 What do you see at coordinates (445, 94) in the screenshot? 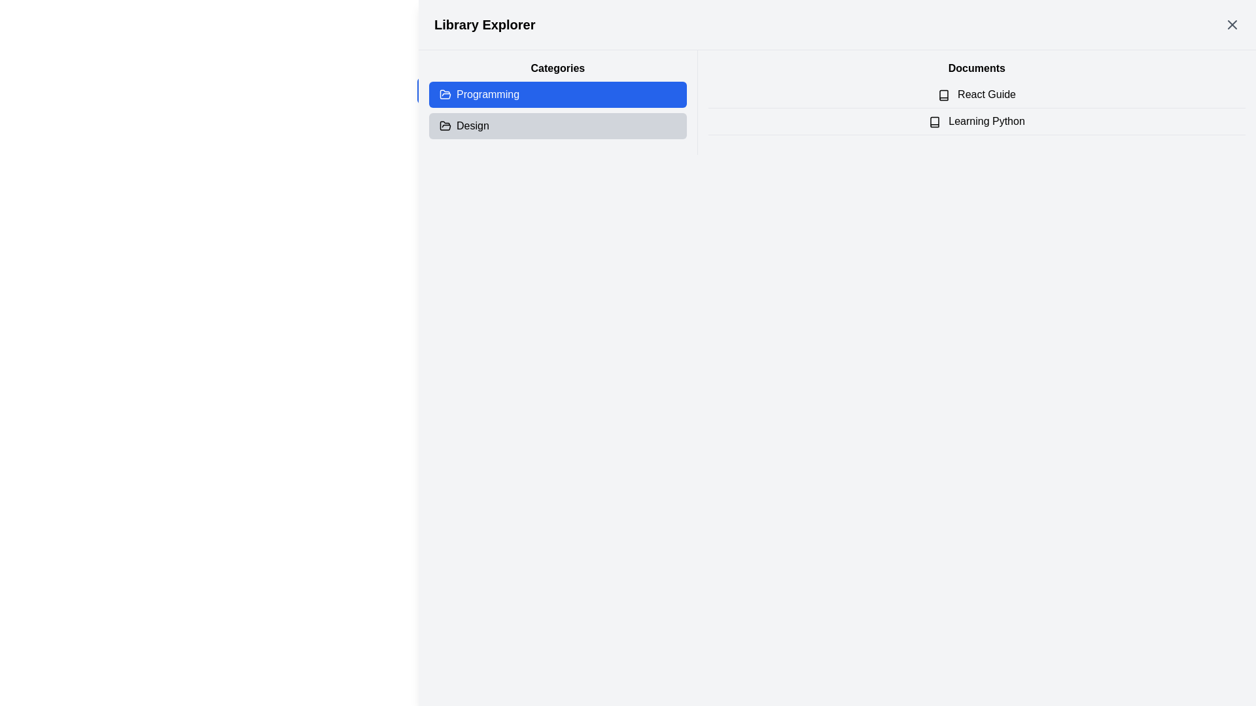
I see `the programming category icon located in the left sidebar under the 'Categories' section` at bounding box center [445, 94].